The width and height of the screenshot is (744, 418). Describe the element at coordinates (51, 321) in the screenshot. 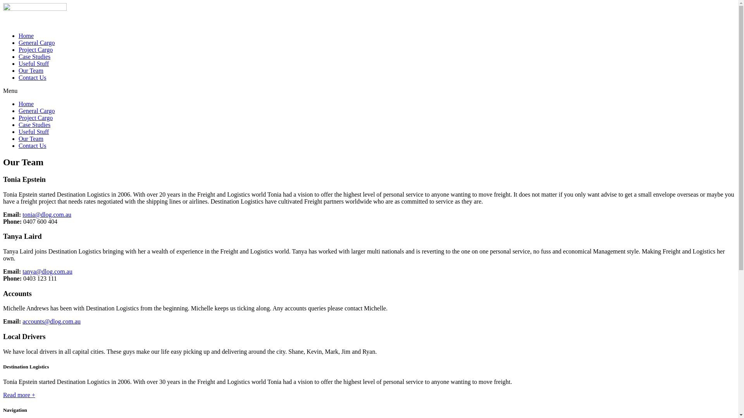

I see `'accounts@dlog.com.au'` at that location.